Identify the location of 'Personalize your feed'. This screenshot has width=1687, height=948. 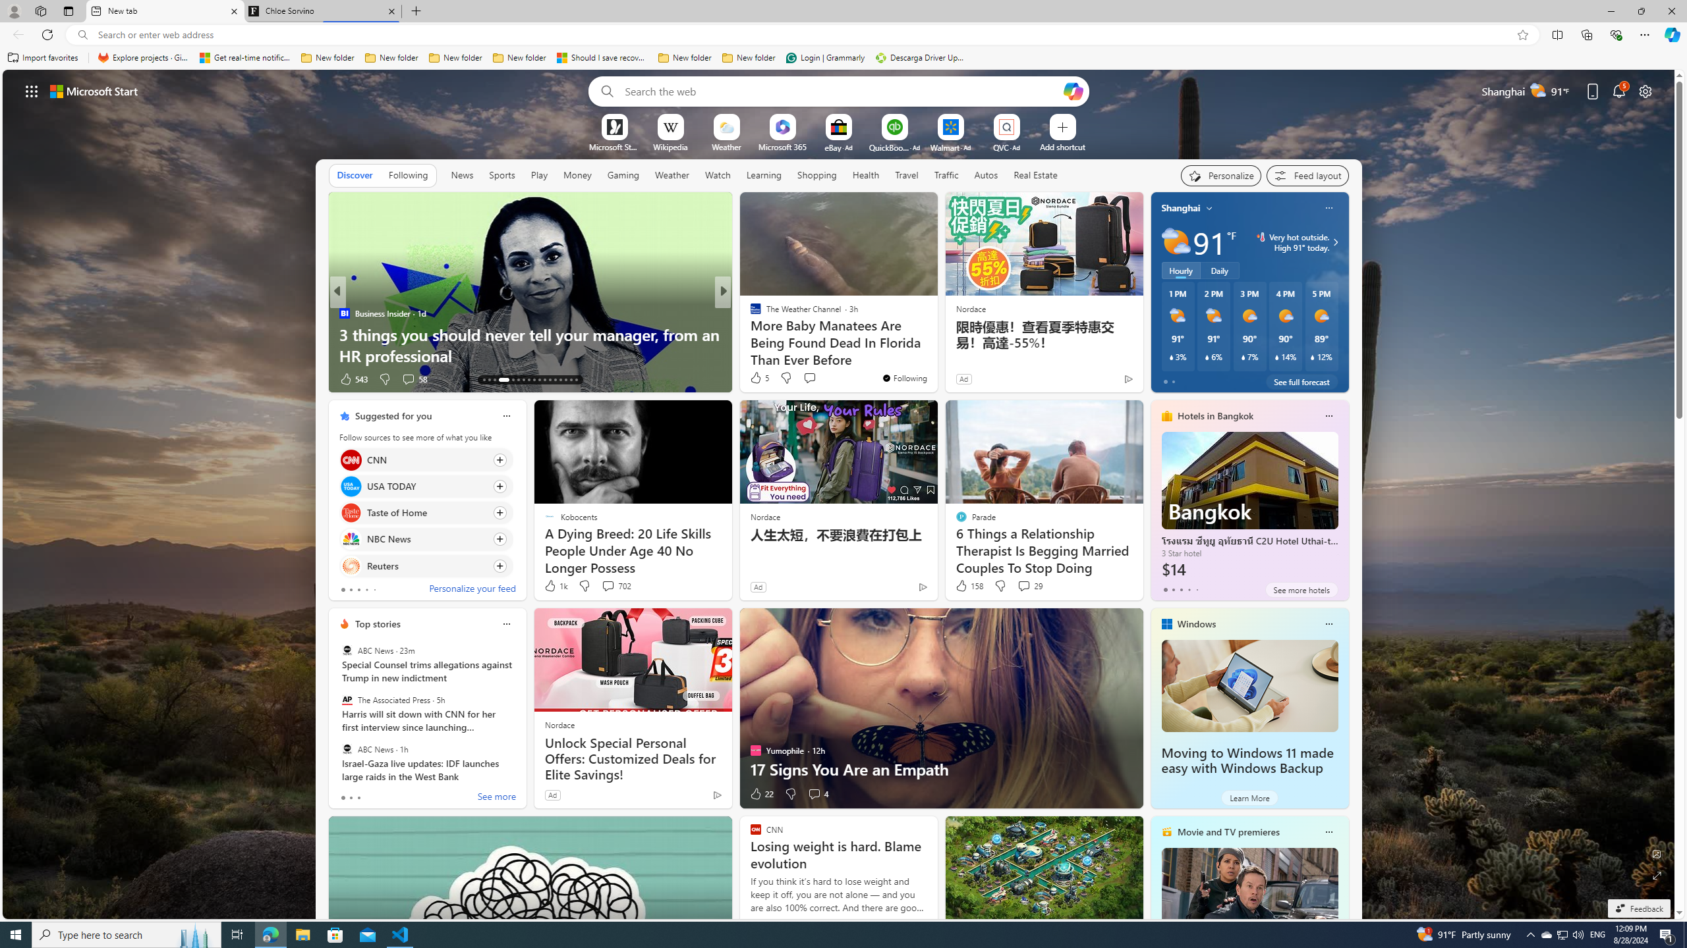
(472, 590).